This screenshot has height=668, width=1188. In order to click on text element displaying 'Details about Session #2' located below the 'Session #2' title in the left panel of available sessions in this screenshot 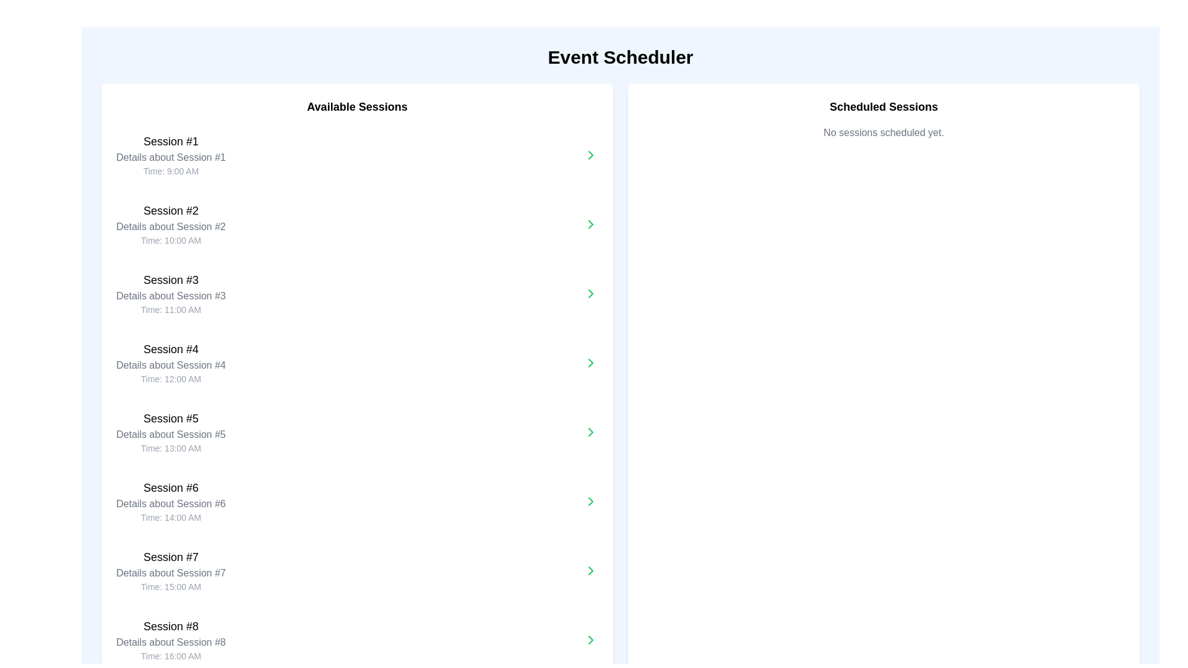, I will do `click(170, 226)`.